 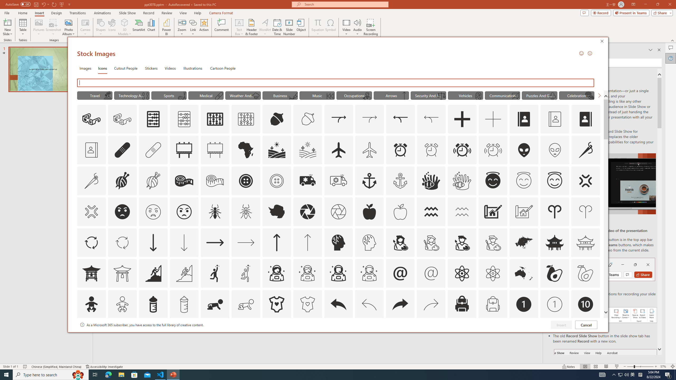 I want to click on 'AutomationID: Icons_AstronautMale', so click(x=338, y=273).